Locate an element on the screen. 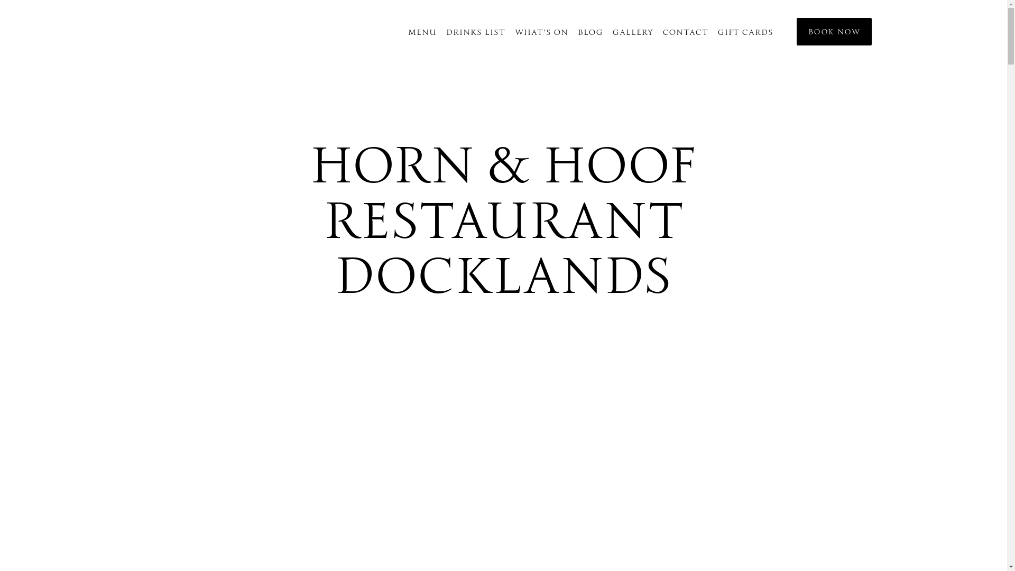 Image resolution: width=1015 pixels, height=571 pixels. 'BLOG' is located at coordinates (590, 31).